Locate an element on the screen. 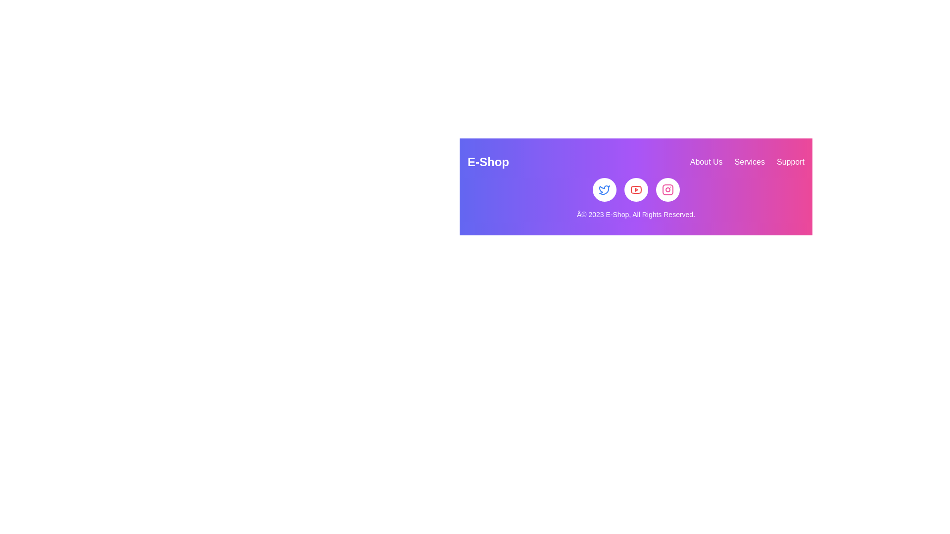 This screenshot has height=534, width=950. the social media icons in the footer-like informational and navigation bar to access respective social media pages is located at coordinates (636, 187).